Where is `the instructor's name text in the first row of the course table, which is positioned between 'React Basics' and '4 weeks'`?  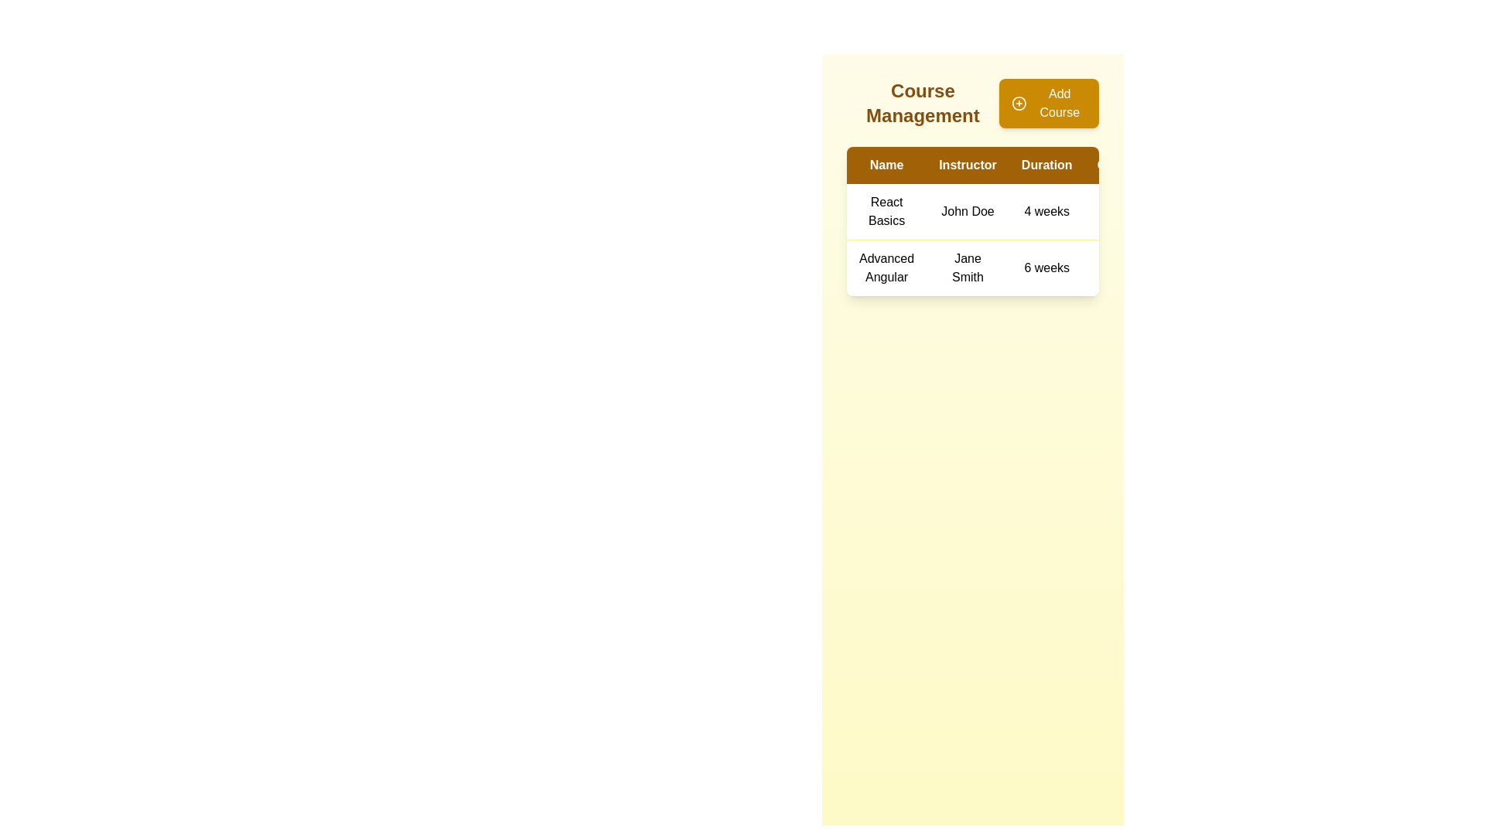 the instructor's name text in the first row of the course table, which is positioned between 'React Basics' and '4 weeks' is located at coordinates (967, 212).